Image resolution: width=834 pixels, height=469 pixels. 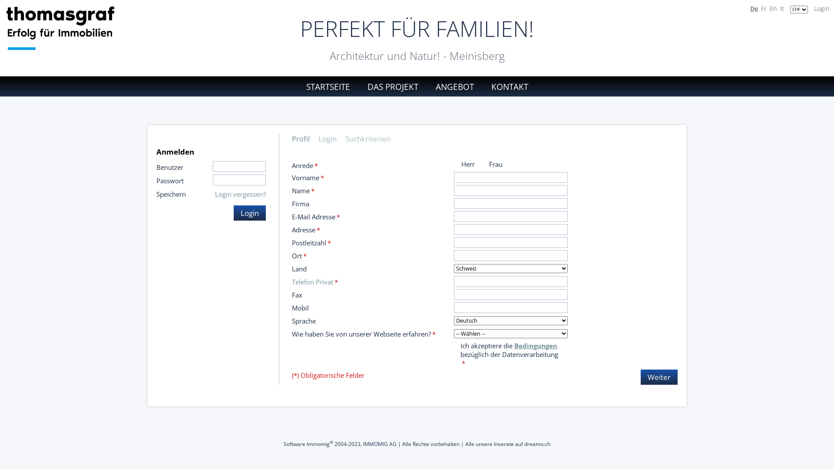 What do you see at coordinates (813, 8) in the screenshot?
I see `'Login'` at bounding box center [813, 8].